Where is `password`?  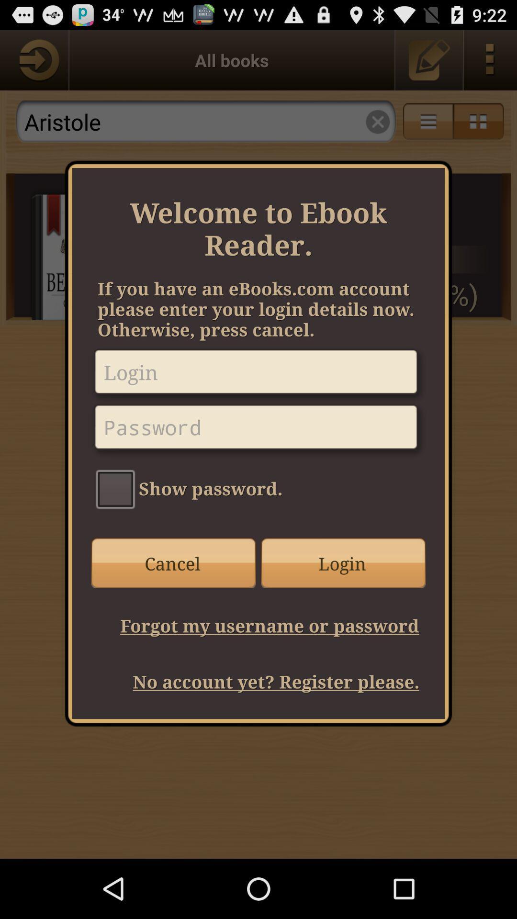
password is located at coordinates (258, 430).